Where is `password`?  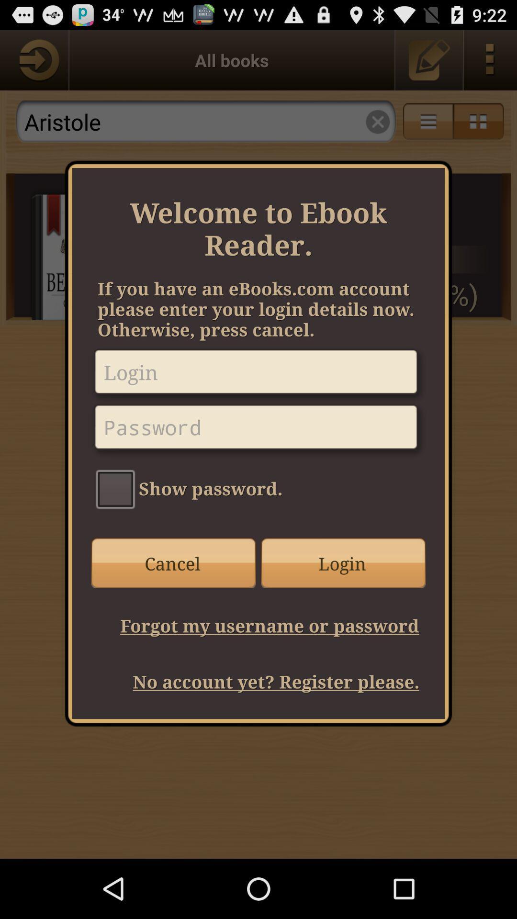
password is located at coordinates (258, 430).